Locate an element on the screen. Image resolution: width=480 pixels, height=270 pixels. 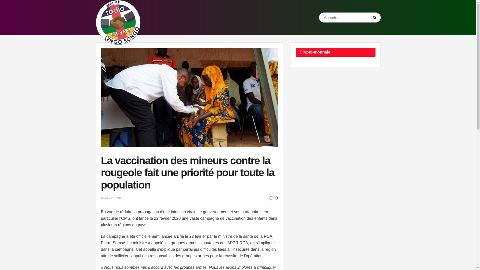
'0' is located at coordinates (268, 197).